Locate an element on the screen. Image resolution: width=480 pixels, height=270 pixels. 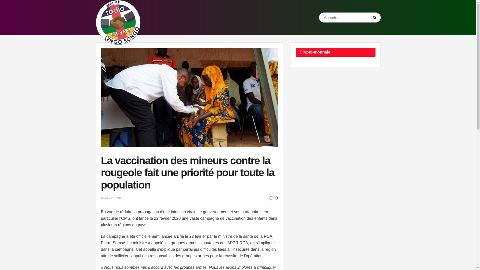
'0' is located at coordinates (268, 197).